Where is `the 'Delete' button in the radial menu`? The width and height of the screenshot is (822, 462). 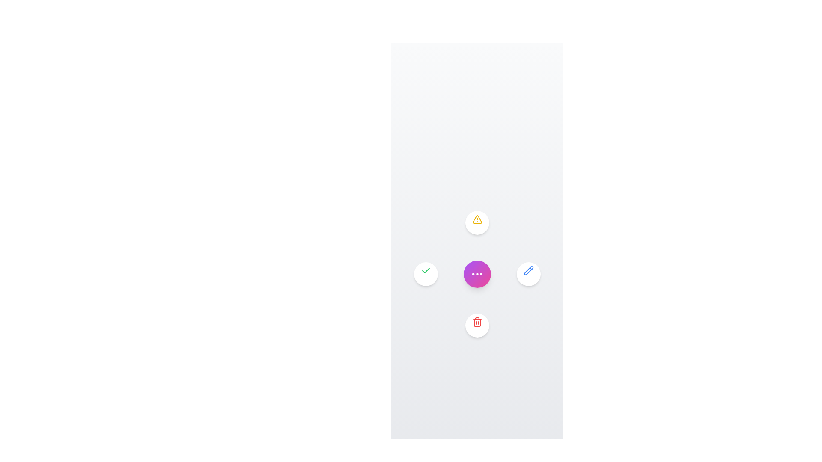
the 'Delete' button in the radial menu is located at coordinates (477, 325).